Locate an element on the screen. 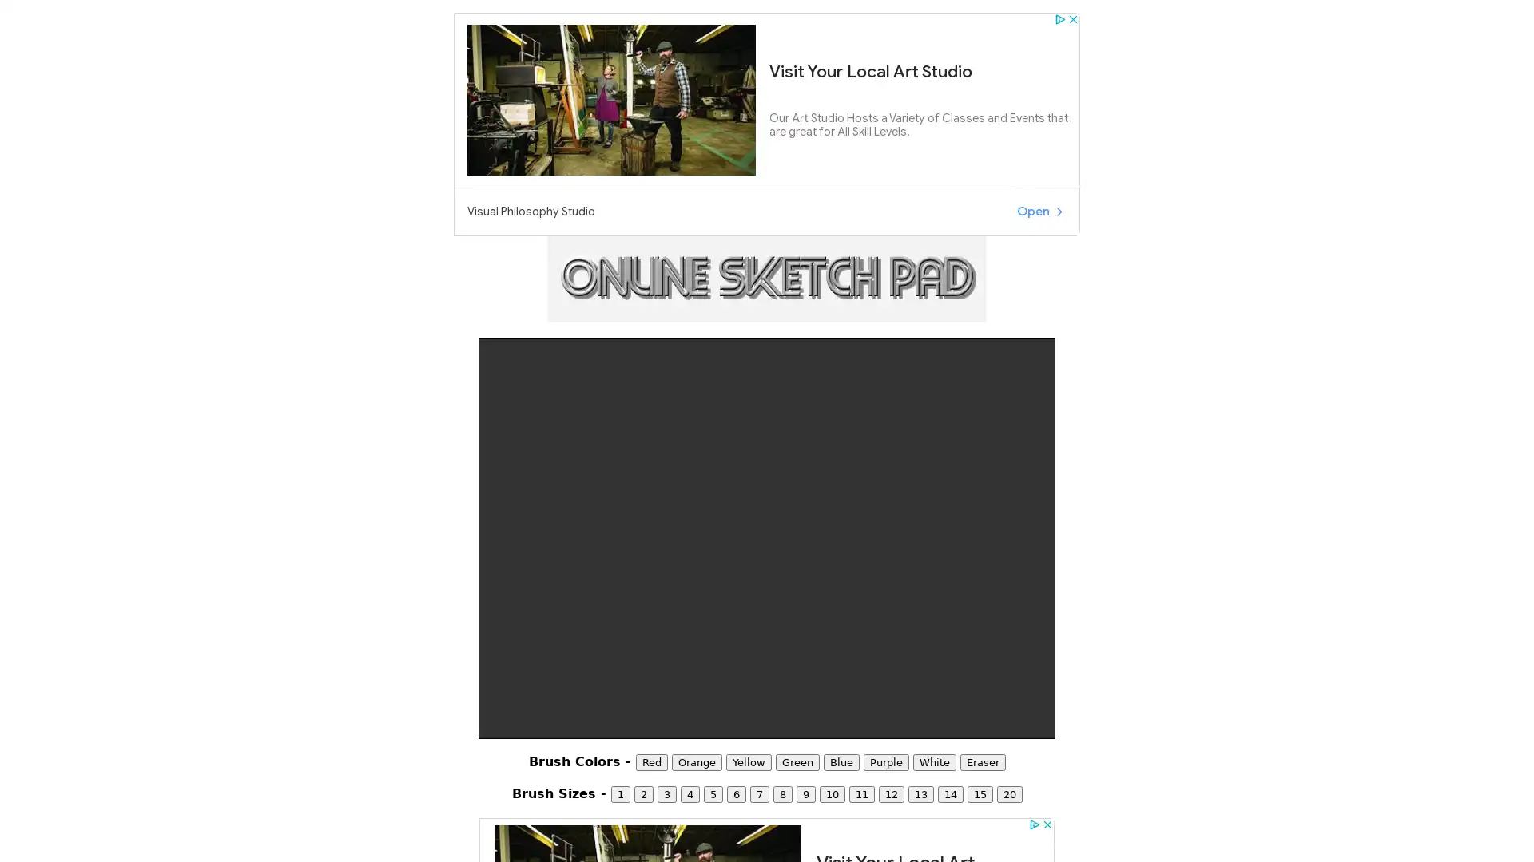 The width and height of the screenshot is (1534, 862). Blue is located at coordinates (840, 761).